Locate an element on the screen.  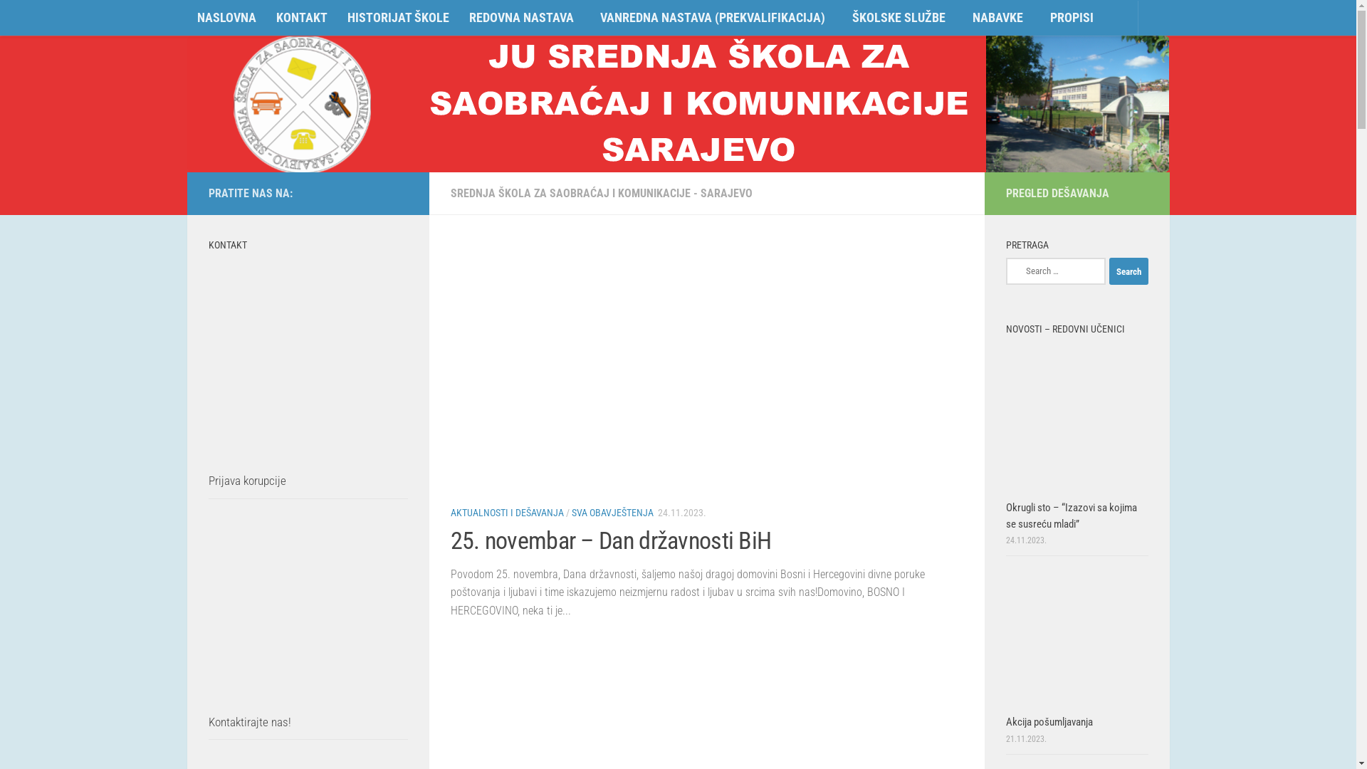
'NASLOVNA' is located at coordinates (225, 17).